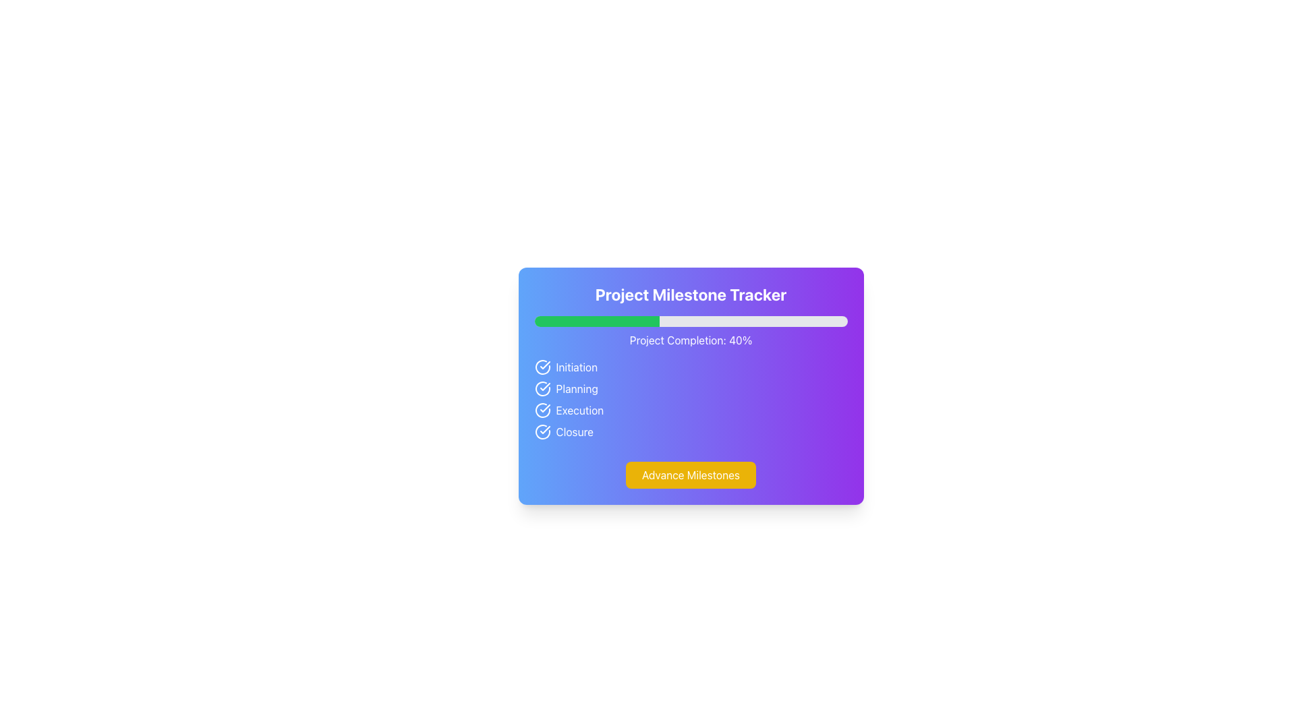 The image size is (1295, 728). I want to click on the status icon component for the 'Planning' milestone located in the second row of the list items, so click(542, 389).